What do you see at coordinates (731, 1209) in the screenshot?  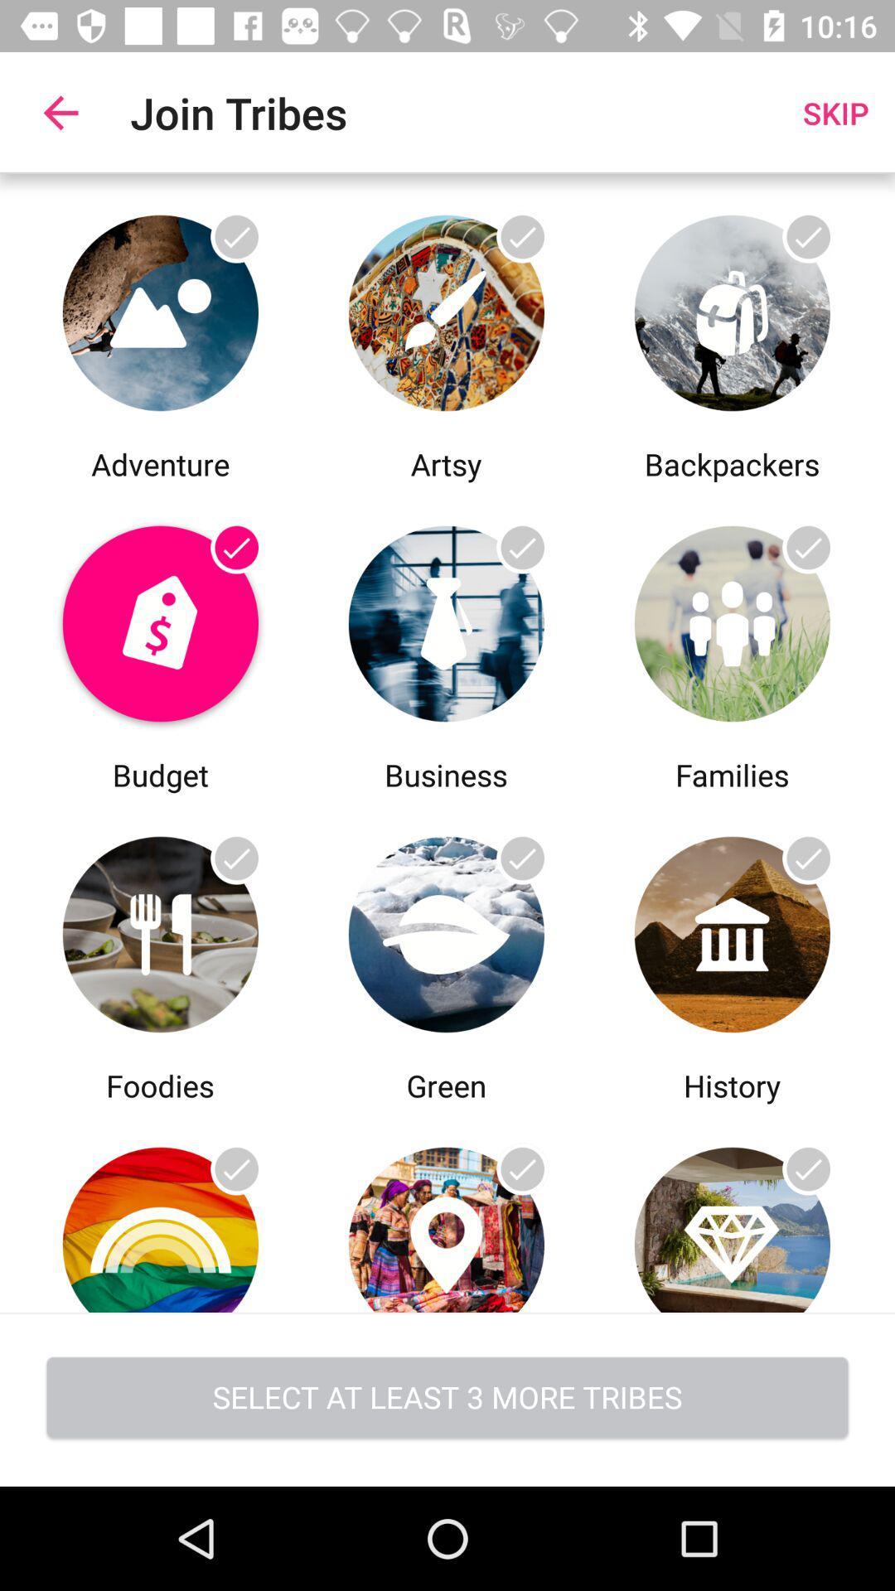 I see `join tribe` at bounding box center [731, 1209].